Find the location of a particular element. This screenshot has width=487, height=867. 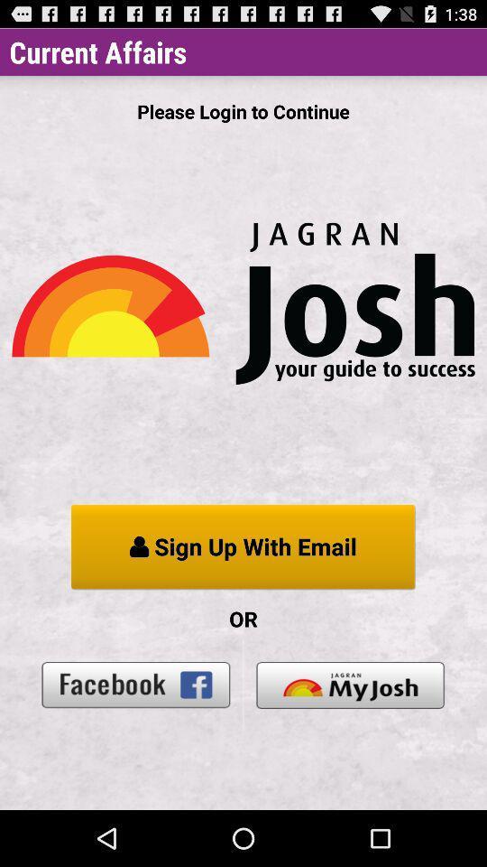

the icon at the bottom right corner is located at coordinates (350, 684).